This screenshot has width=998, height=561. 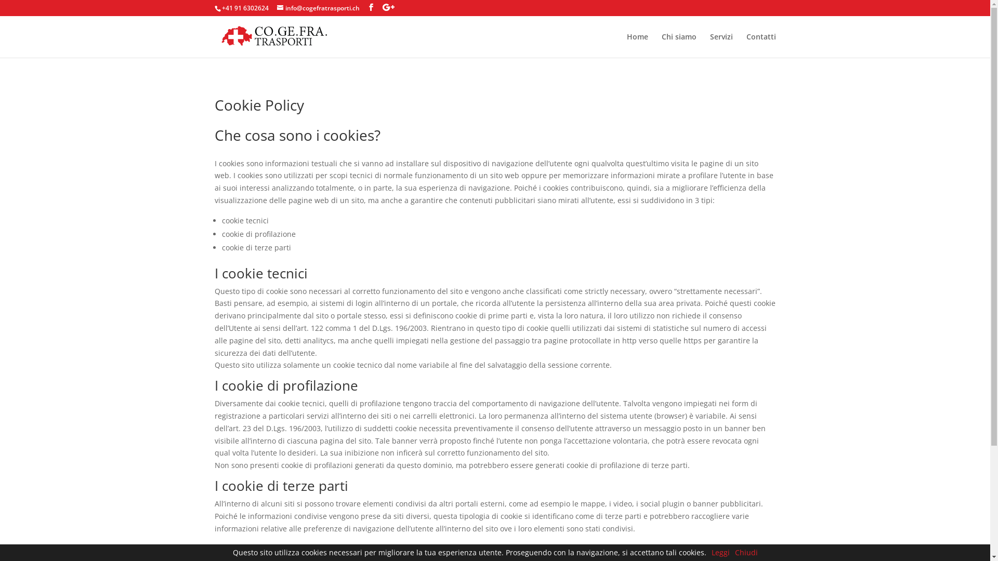 What do you see at coordinates (221, 8) in the screenshot?
I see `'+41 91 6302624'` at bounding box center [221, 8].